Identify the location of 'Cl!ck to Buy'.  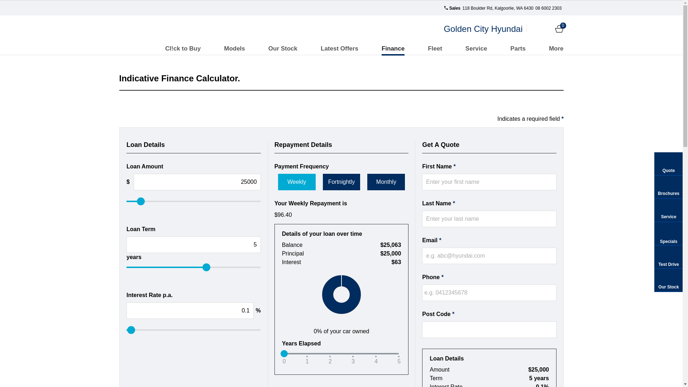
(183, 48).